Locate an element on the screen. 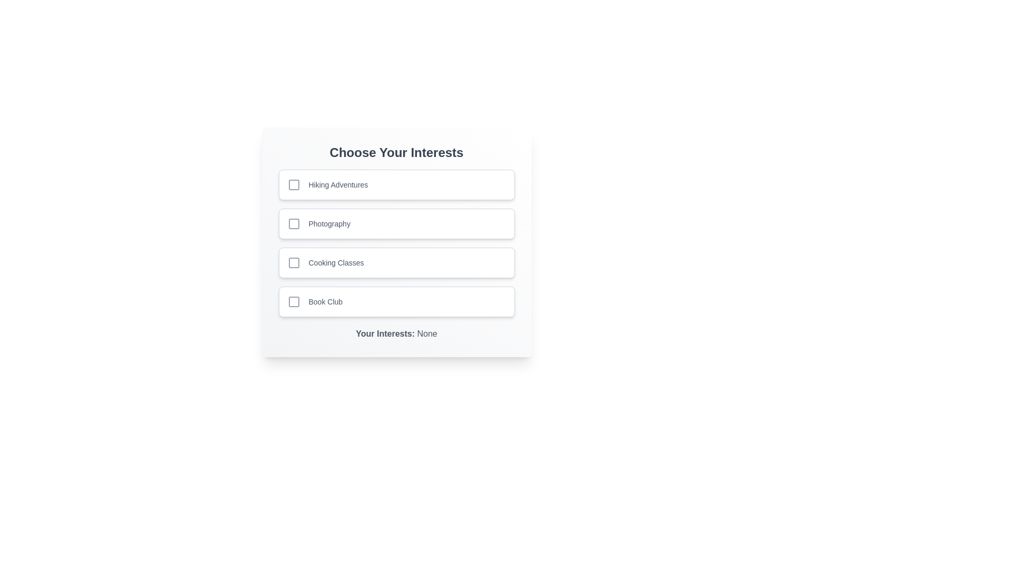 Image resolution: width=1012 pixels, height=569 pixels. the heading label that introduces the options for 'Hiking Adventures', 'Photography', 'Cooking Classes', and 'Book Club' is located at coordinates (396, 152).